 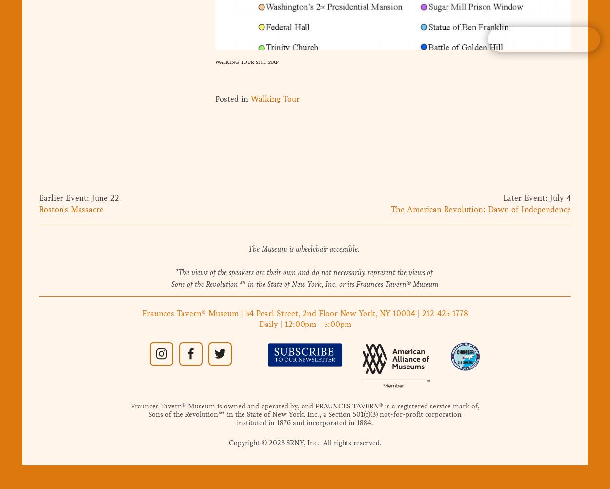 I want to click on 'Fraunces Tavern® Museum | 54 Pearl Street, 2nd Floor New York, NY 10004 | 212-425-1778', so click(x=304, y=312).